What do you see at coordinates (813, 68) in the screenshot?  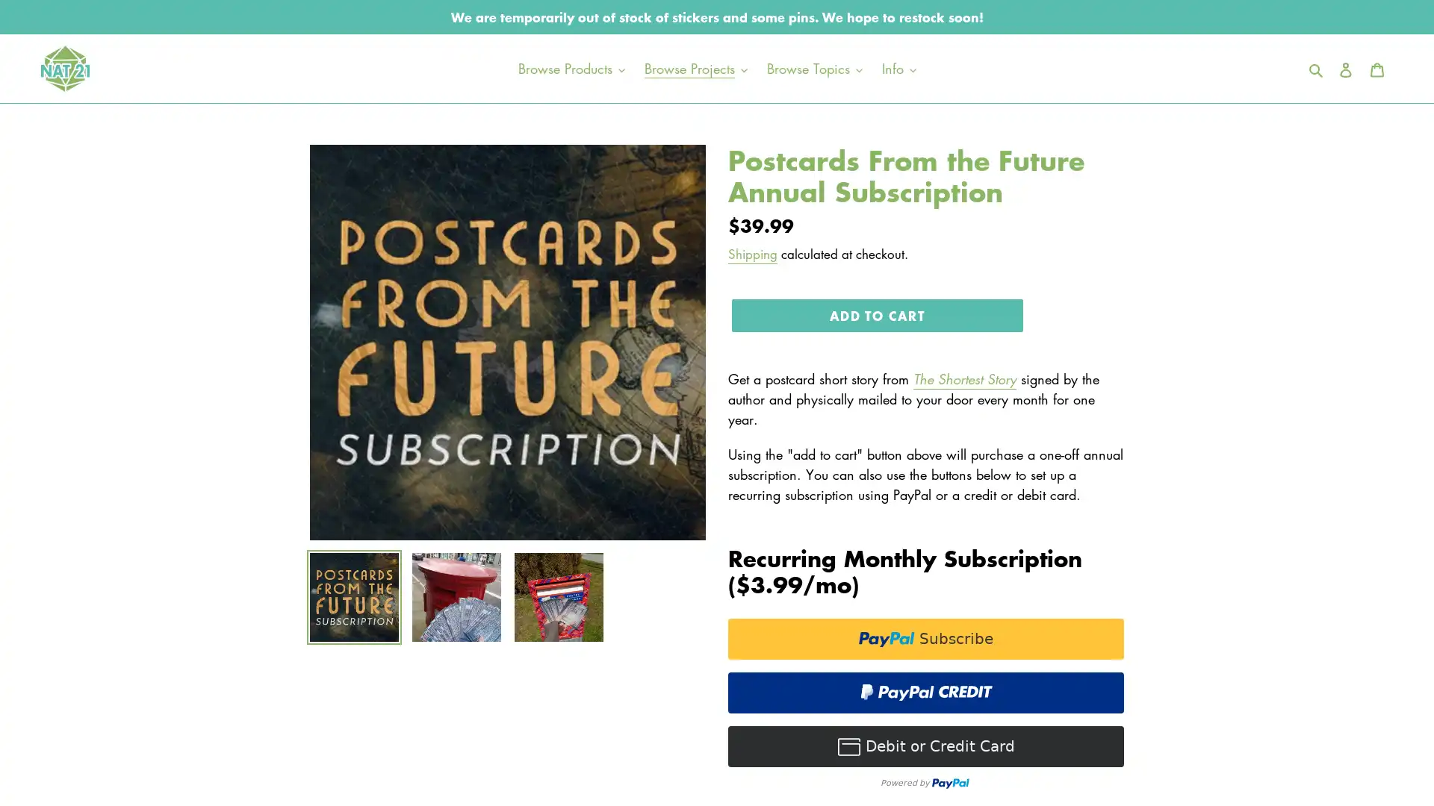 I see `Browse Topics` at bounding box center [813, 68].